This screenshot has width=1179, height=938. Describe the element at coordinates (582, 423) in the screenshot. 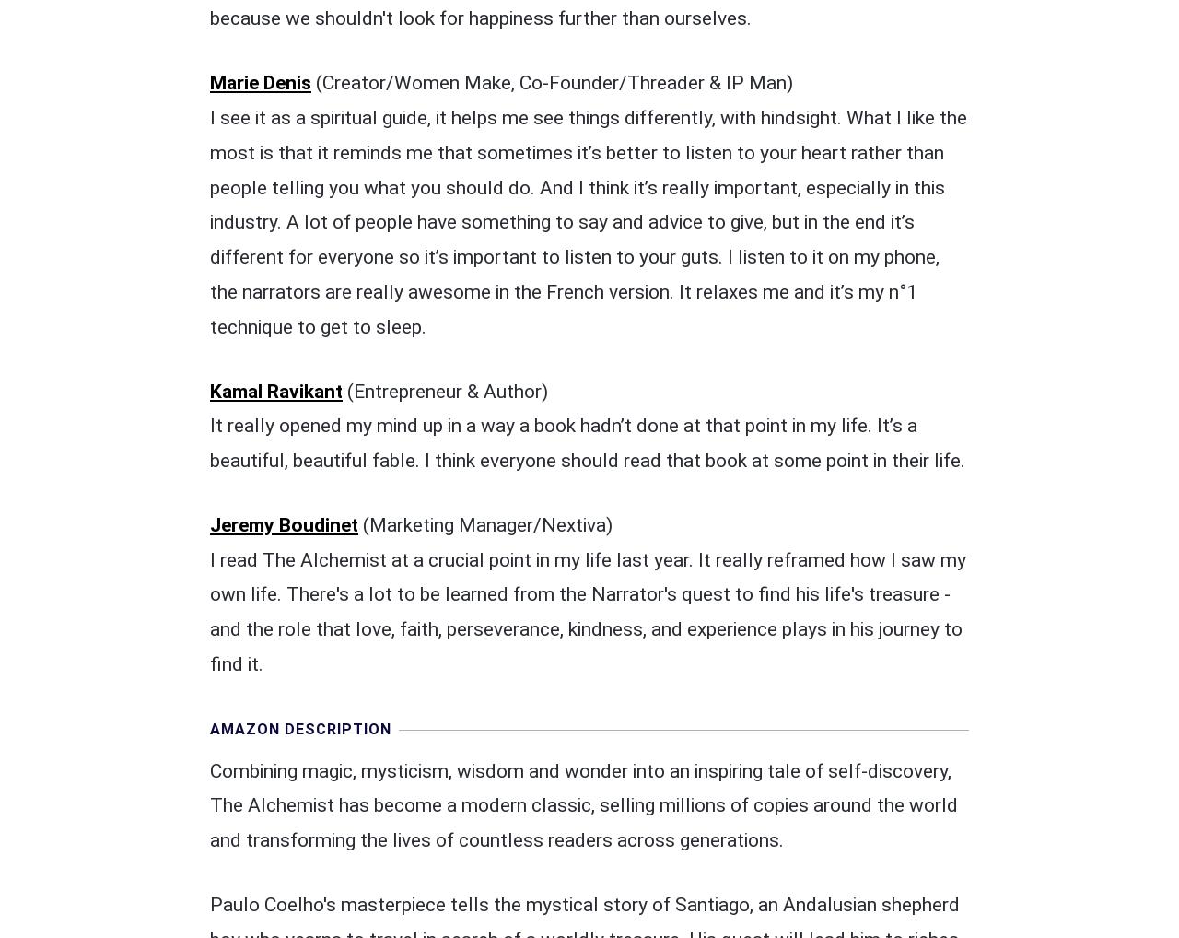

I see `'Combining magic, mysticism, wisdom and wonder into an inspiring tale of self-discovery, The Alchemist has become a modern classic, selling millions of copies around the world and transforming the lives of countless readers across generations.'` at that location.